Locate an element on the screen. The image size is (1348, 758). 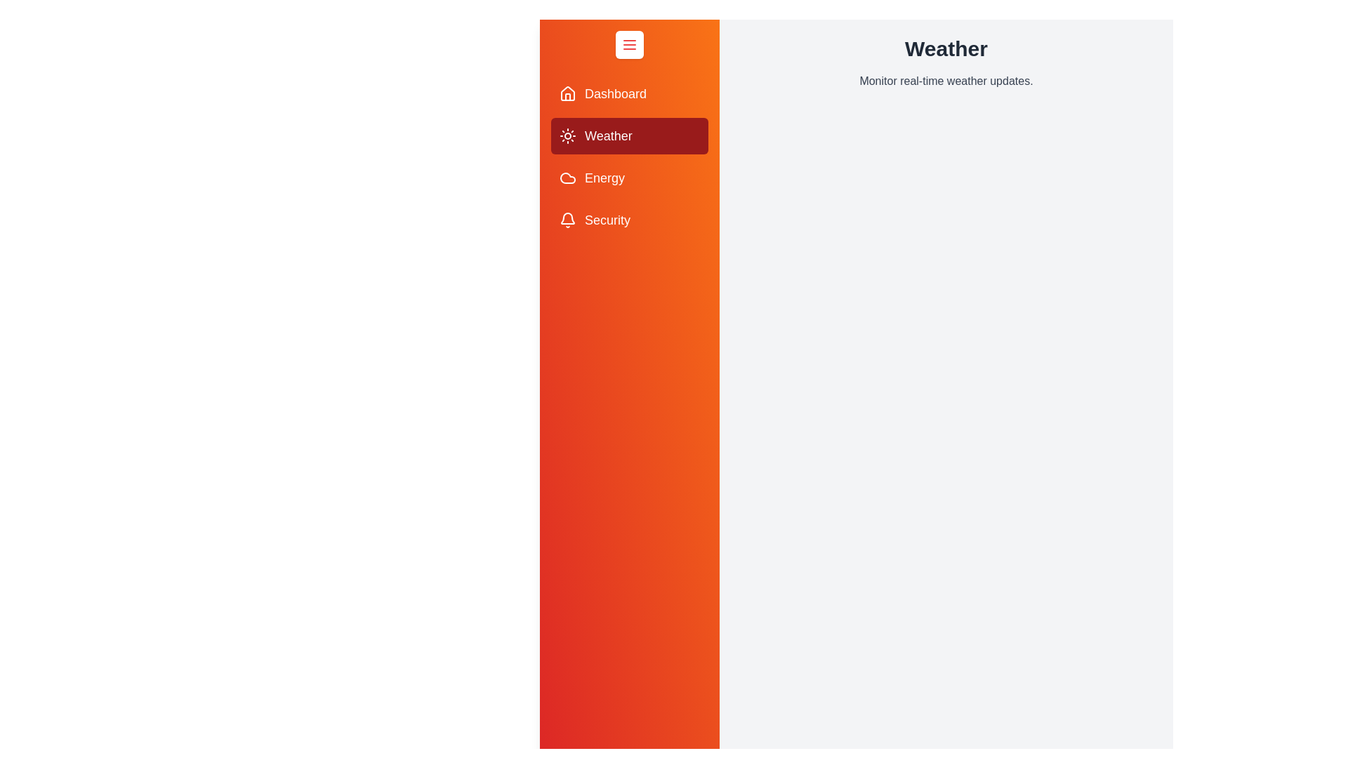
the Weather section from the drawer menu is located at coordinates (629, 135).